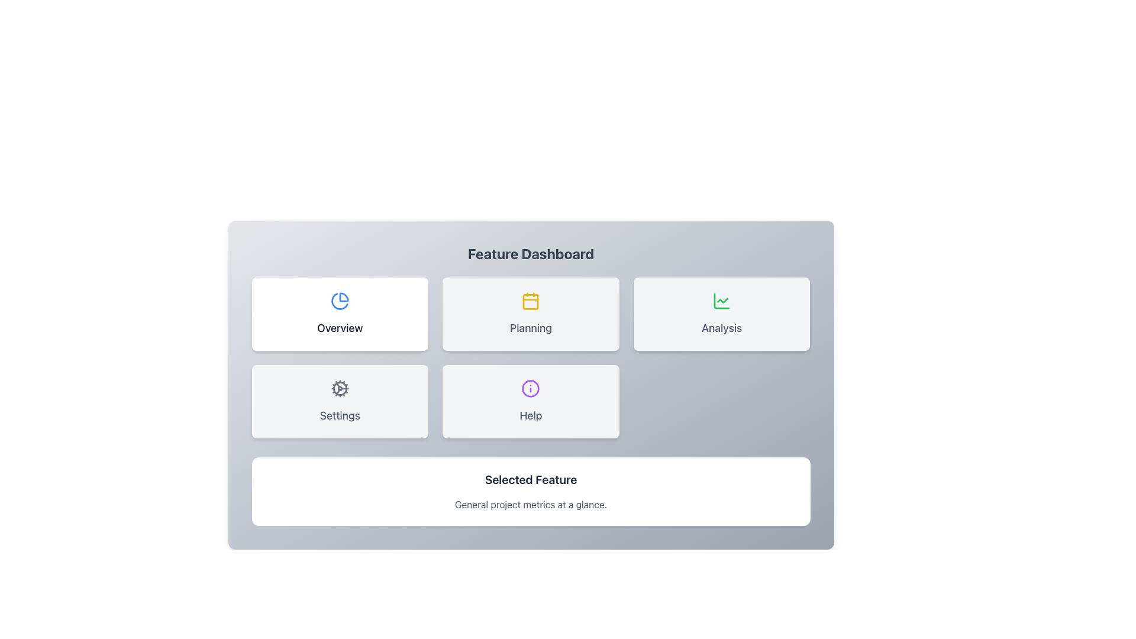 The height and width of the screenshot is (639, 1136). I want to click on the navigational button located in the top right of the grid layout, which triggers analysis-related functionality, so click(721, 314).